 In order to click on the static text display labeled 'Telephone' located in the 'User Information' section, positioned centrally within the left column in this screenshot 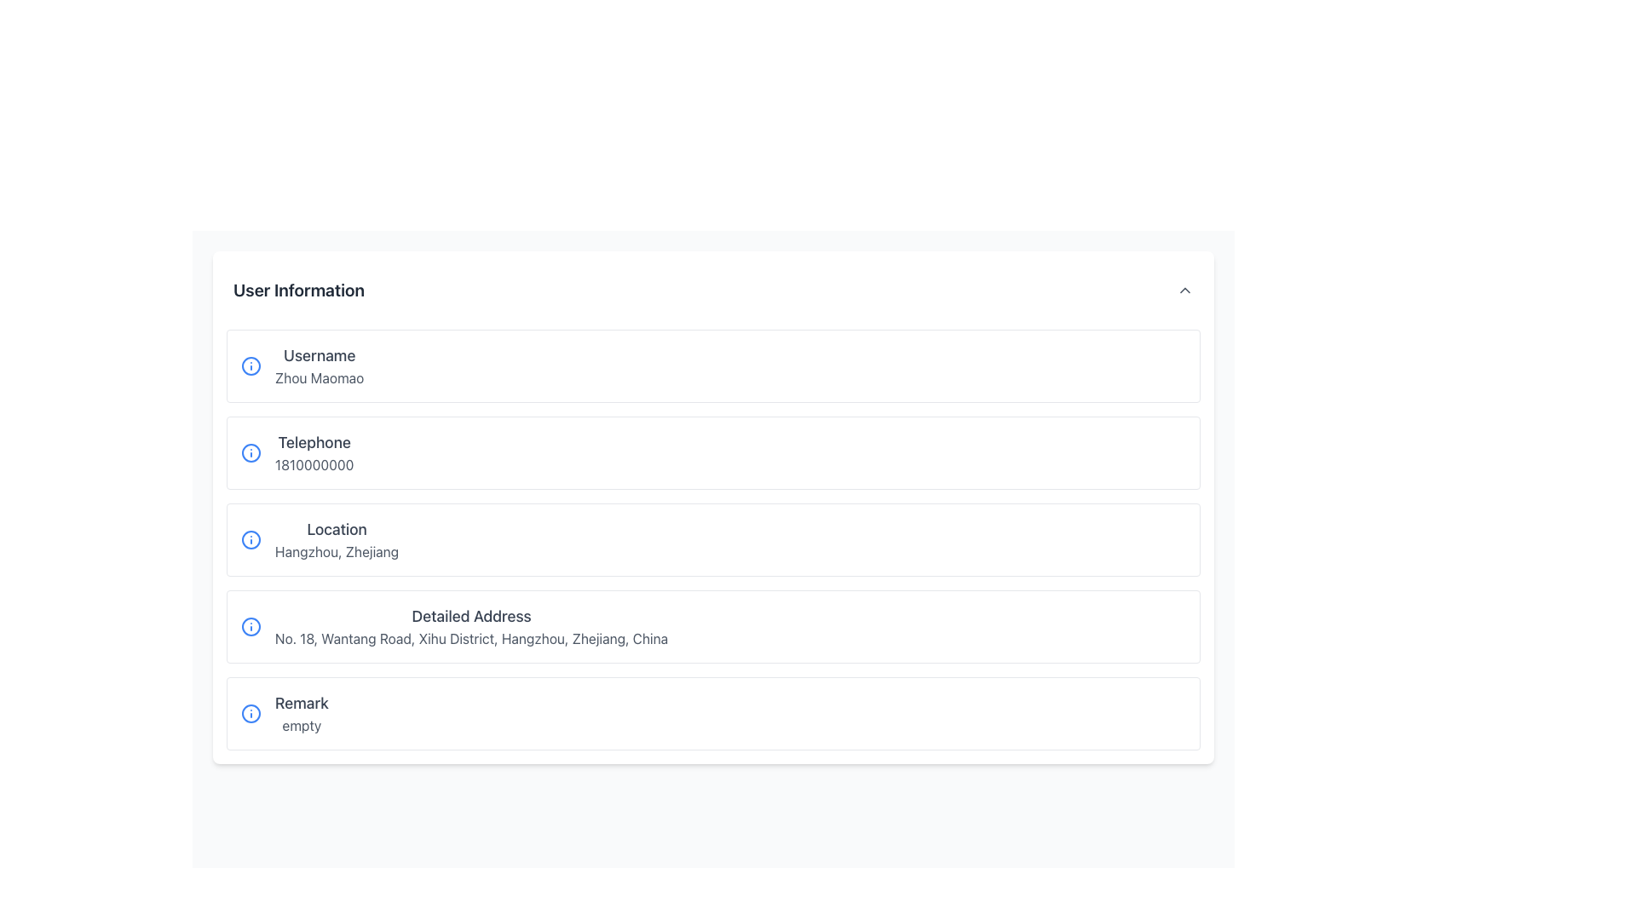, I will do `click(314, 452)`.